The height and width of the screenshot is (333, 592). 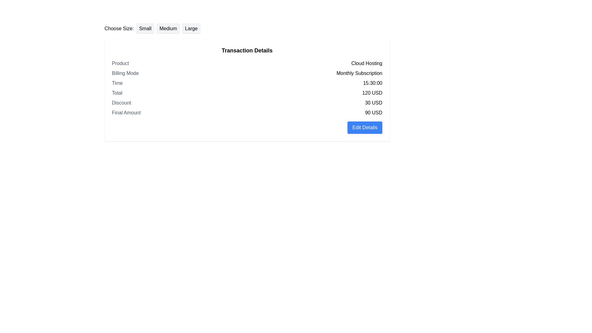 I want to click on the text label displaying 'Monthly Subscription' in the 'Transaction Details' table, aligned to the right within the 'Billing Mode' row, so click(x=359, y=73).